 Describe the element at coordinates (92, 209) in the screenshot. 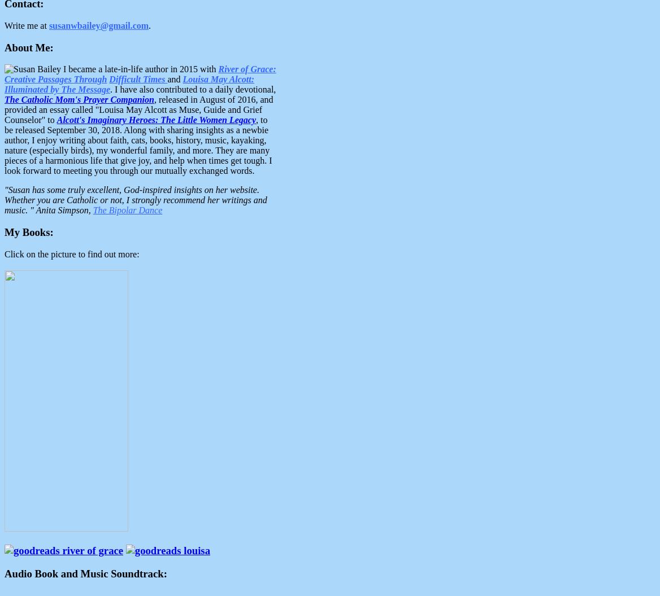

I see `'The Bipolar Dance'` at that location.